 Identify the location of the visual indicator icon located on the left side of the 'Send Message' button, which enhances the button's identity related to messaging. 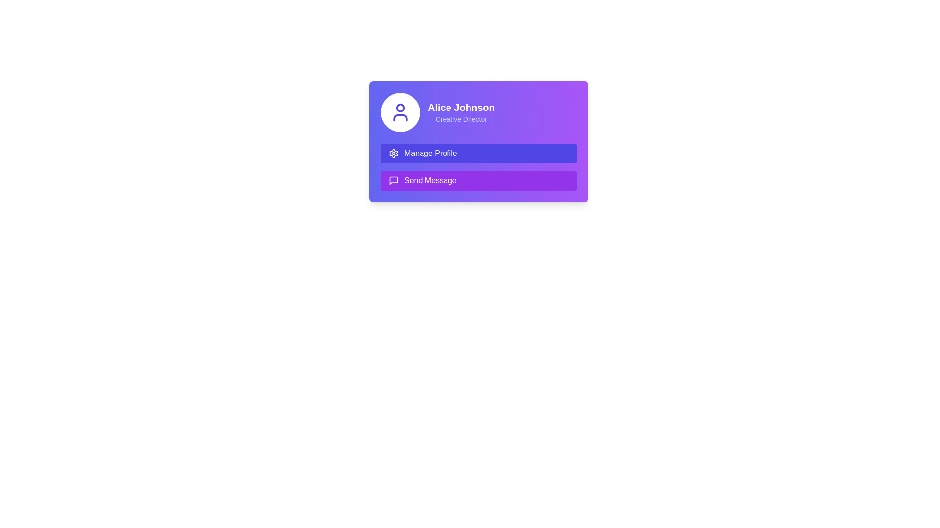
(394, 181).